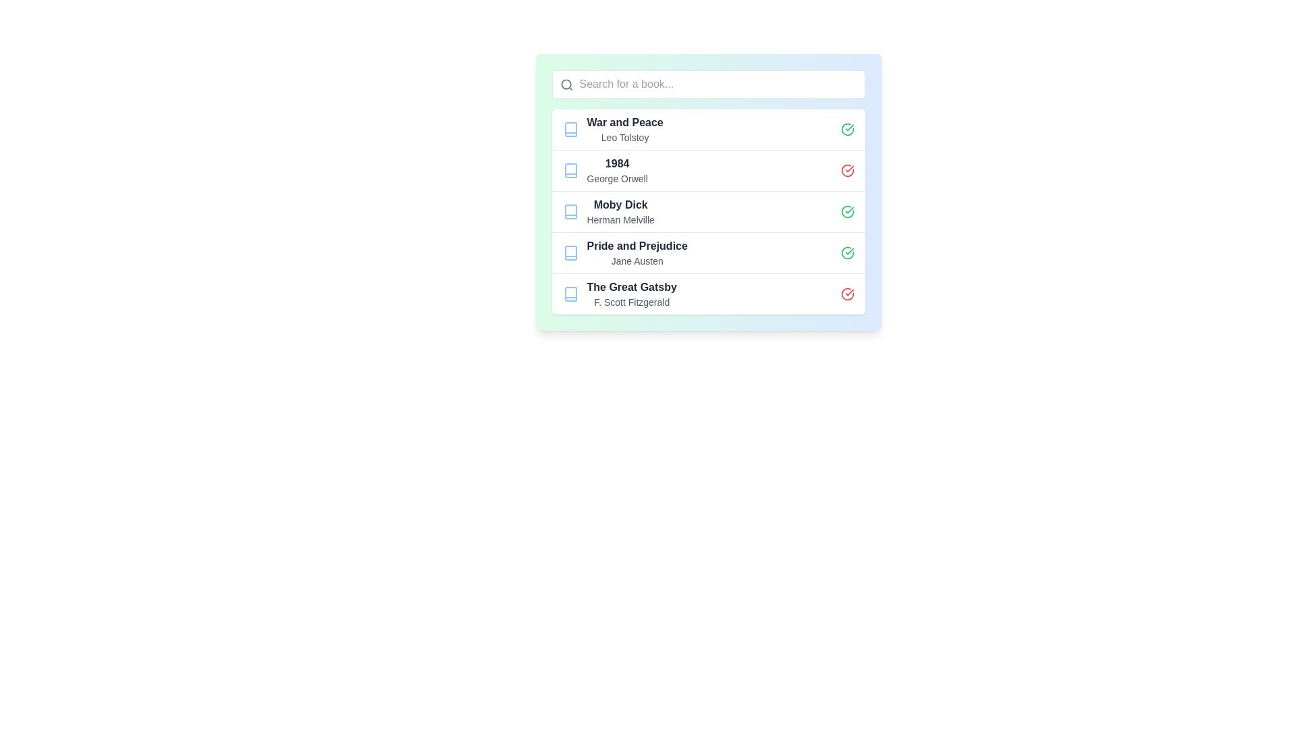 This screenshot has width=1296, height=729. Describe the element at coordinates (570, 252) in the screenshot. I see `the book icon representing 'Pride and Prejudice' by Jane Austen in the book list` at that location.